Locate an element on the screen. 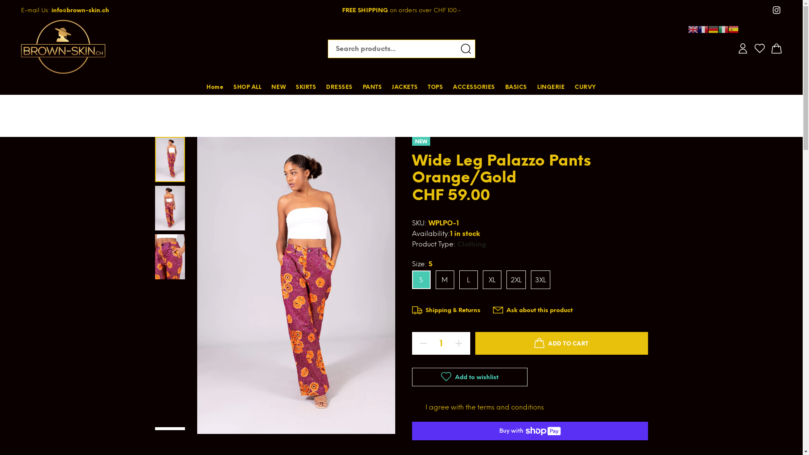  'PANTS' is located at coordinates (358, 86).